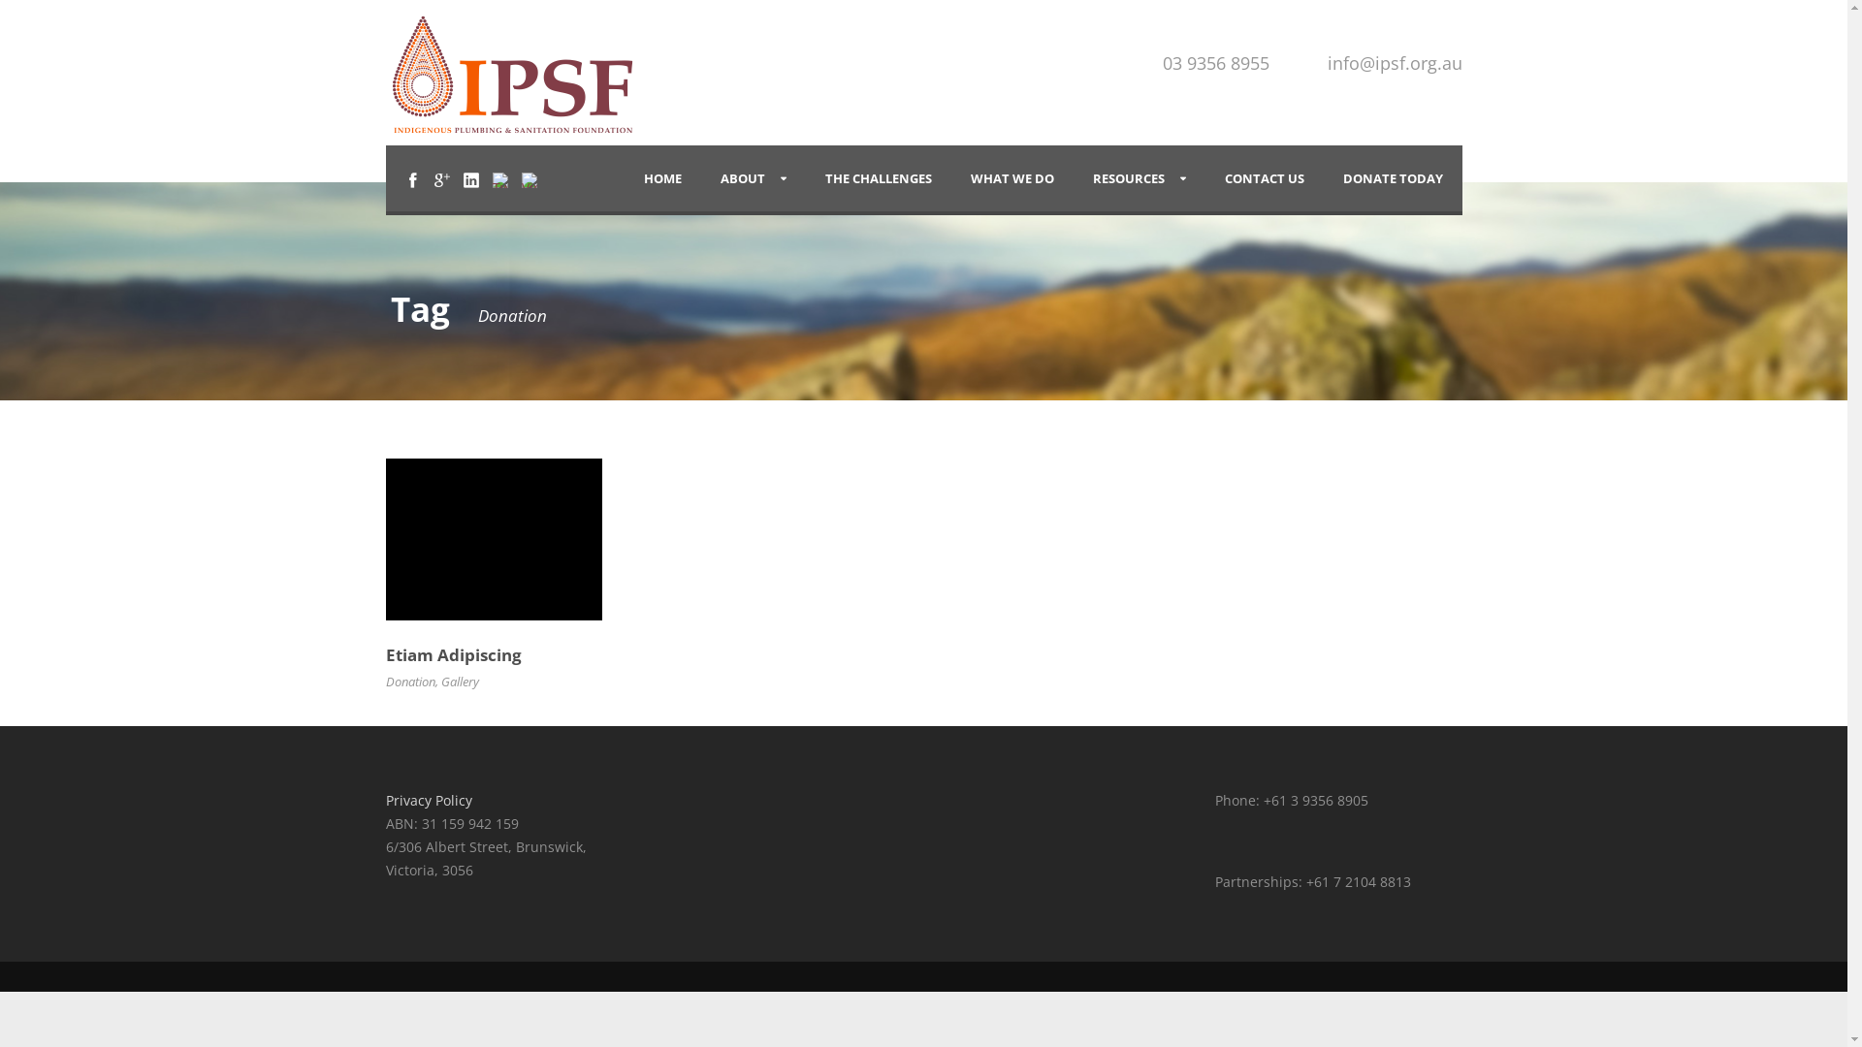  What do you see at coordinates (453, 654) in the screenshot?
I see `'Etiam Adipiscing'` at bounding box center [453, 654].